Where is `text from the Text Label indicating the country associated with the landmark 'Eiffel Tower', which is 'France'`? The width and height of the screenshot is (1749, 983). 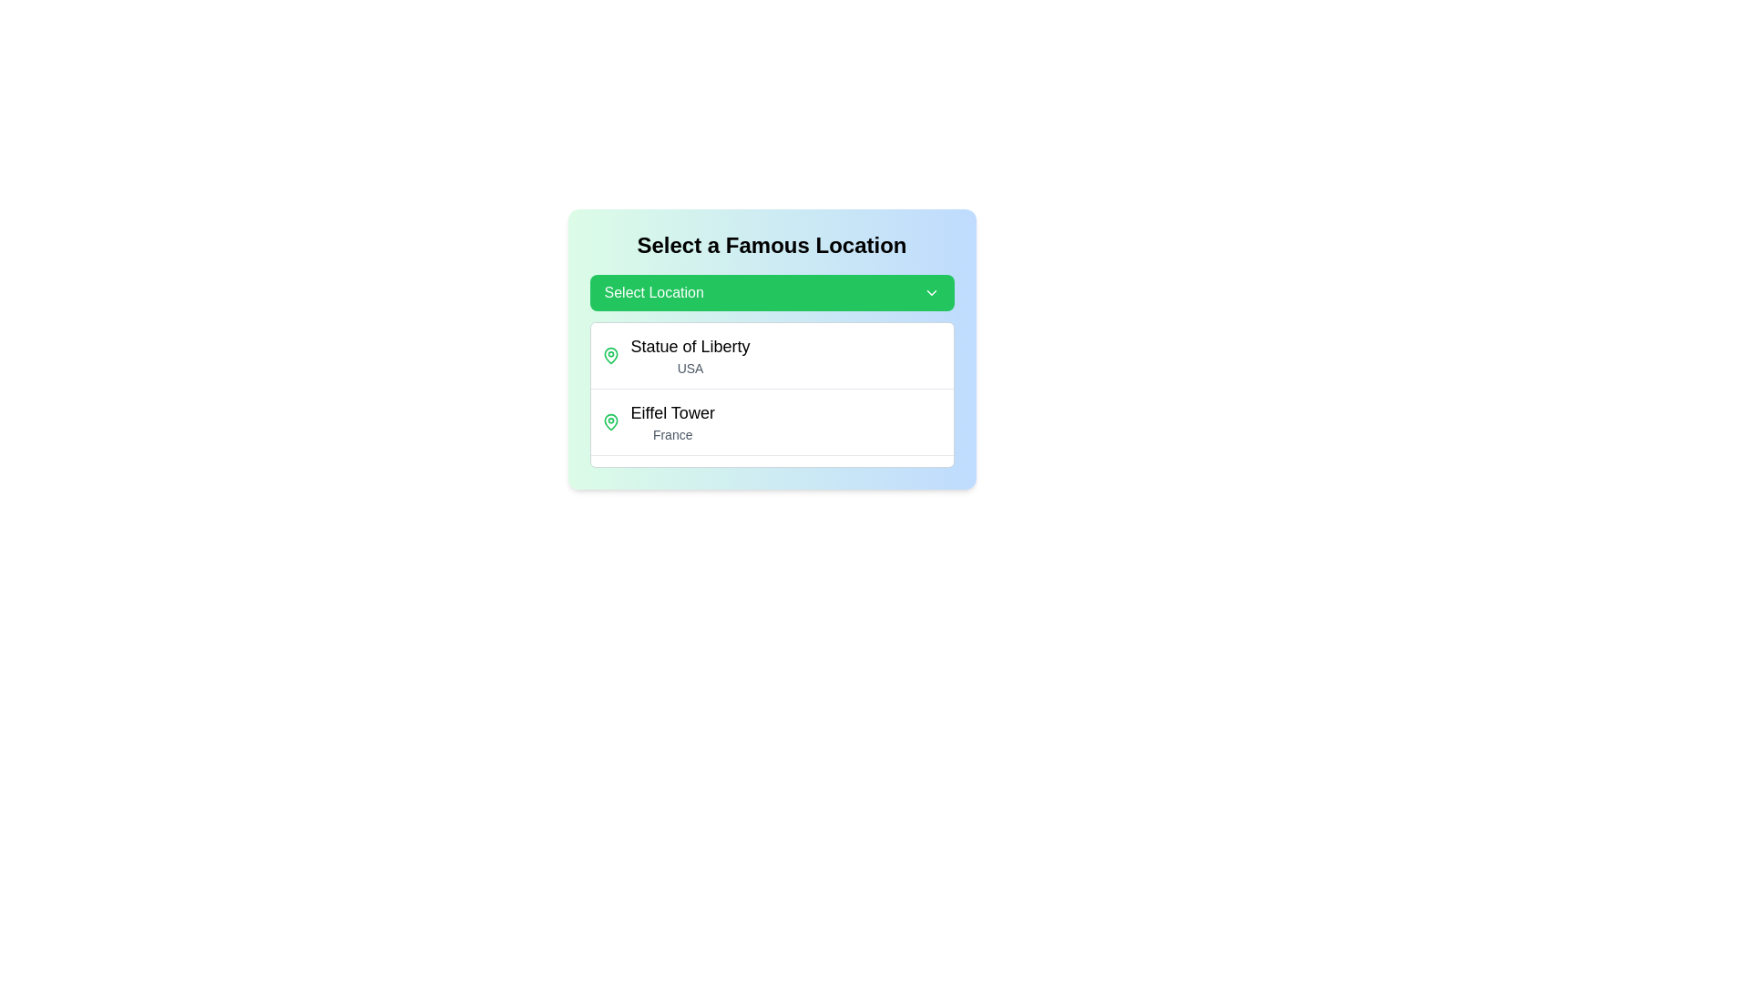 text from the Text Label indicating the country associated with the landmark 'Eiffel Tower', which is 'France' is located at coordinates (671, 435).